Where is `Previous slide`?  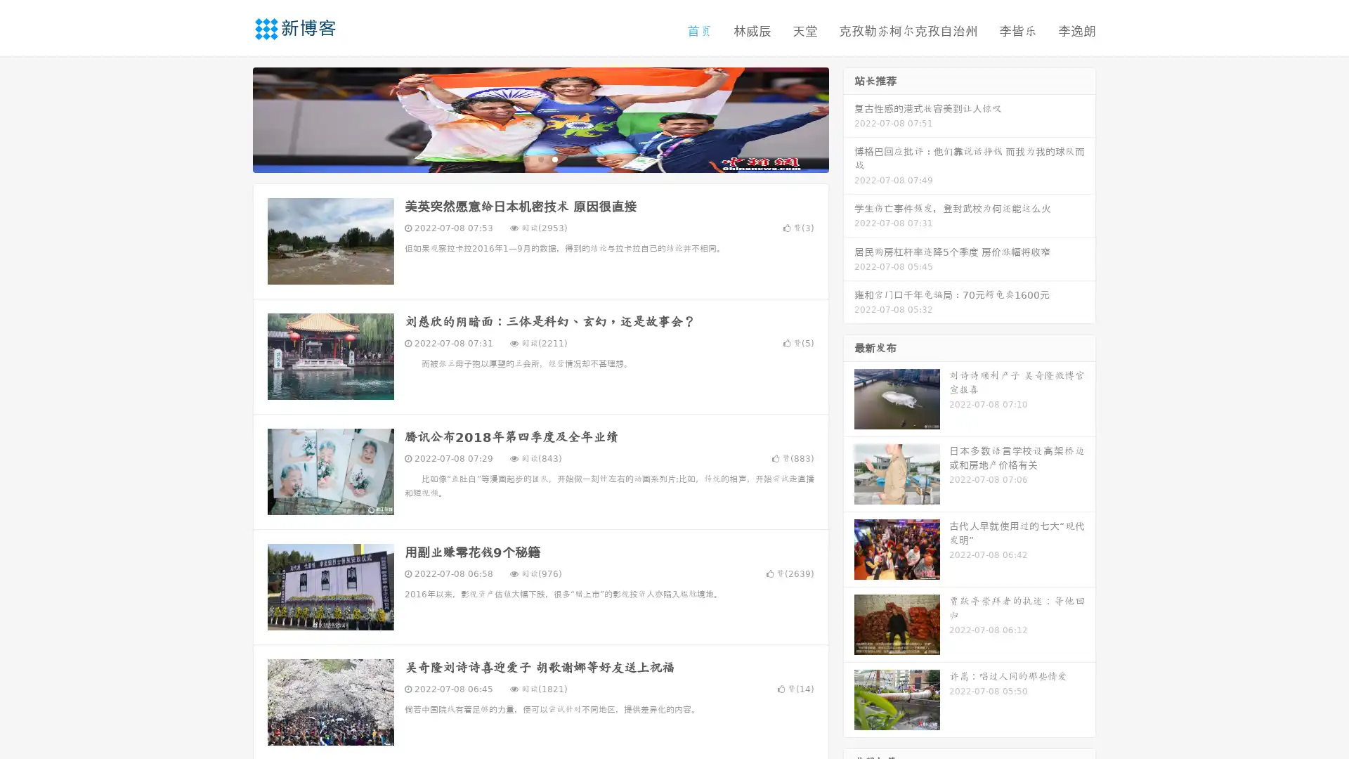
Previous slide is located at coordinates (232, 118).